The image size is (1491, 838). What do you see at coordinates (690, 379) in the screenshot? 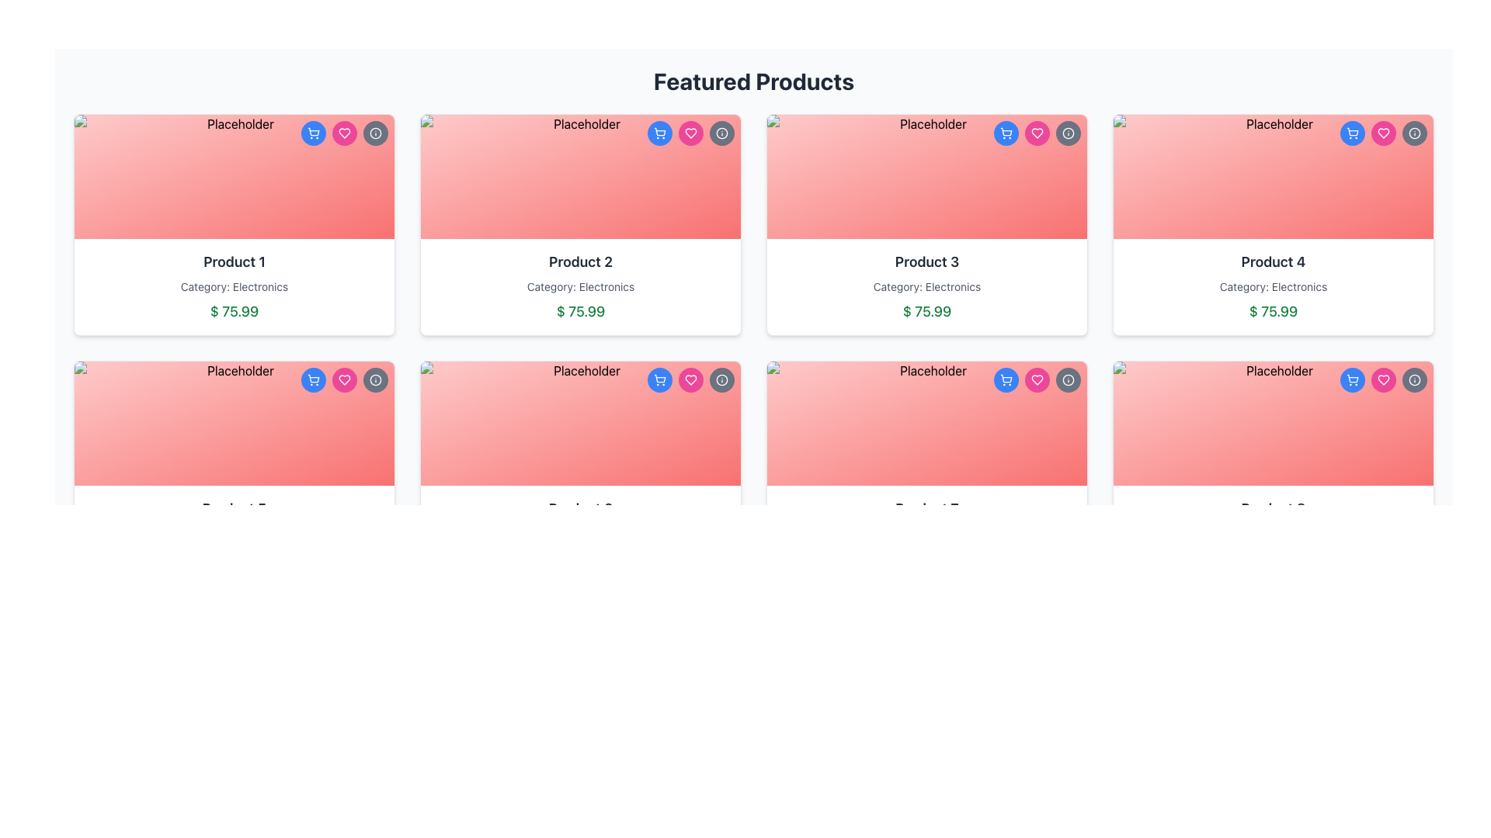
I see `the pink circular button with a white heart icon located at the top-right corner of the 'Product 6' card to favorite the product` at bounding box center [690, 379].